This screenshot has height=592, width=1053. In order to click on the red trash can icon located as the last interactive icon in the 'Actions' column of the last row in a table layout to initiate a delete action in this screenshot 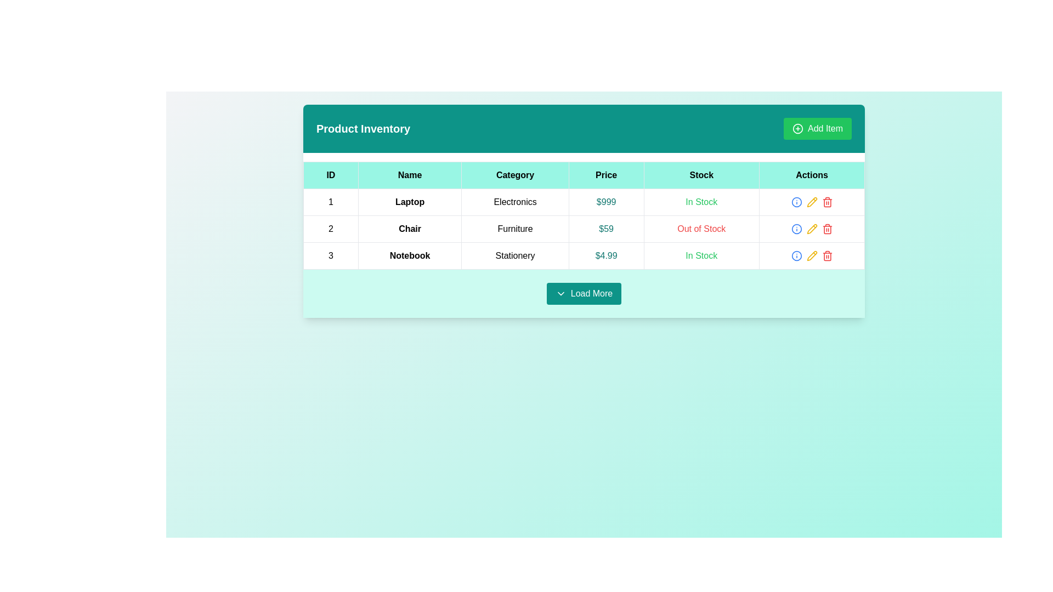, I will do `click(827, 255)`.